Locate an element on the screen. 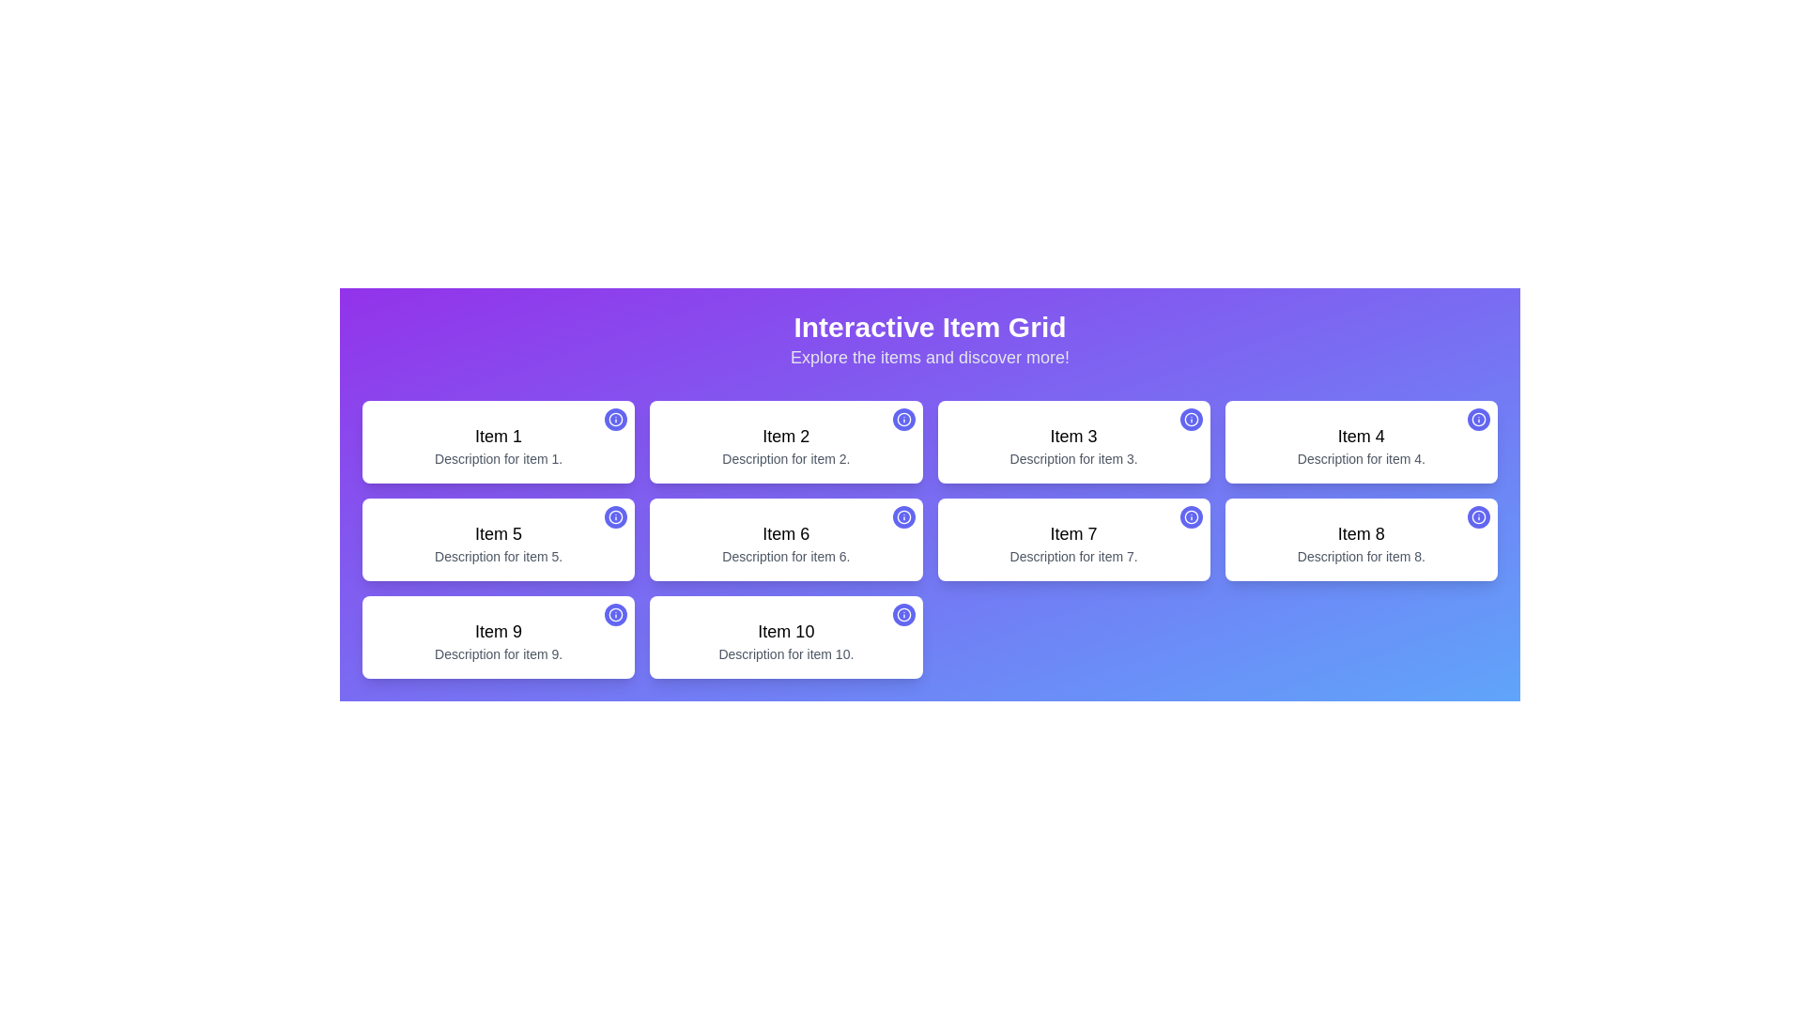  the decorative SVG Circle indicating a state or status within the 'Item 9' card, located in the bottom-left rectangle is located at coordinates (616, 615).